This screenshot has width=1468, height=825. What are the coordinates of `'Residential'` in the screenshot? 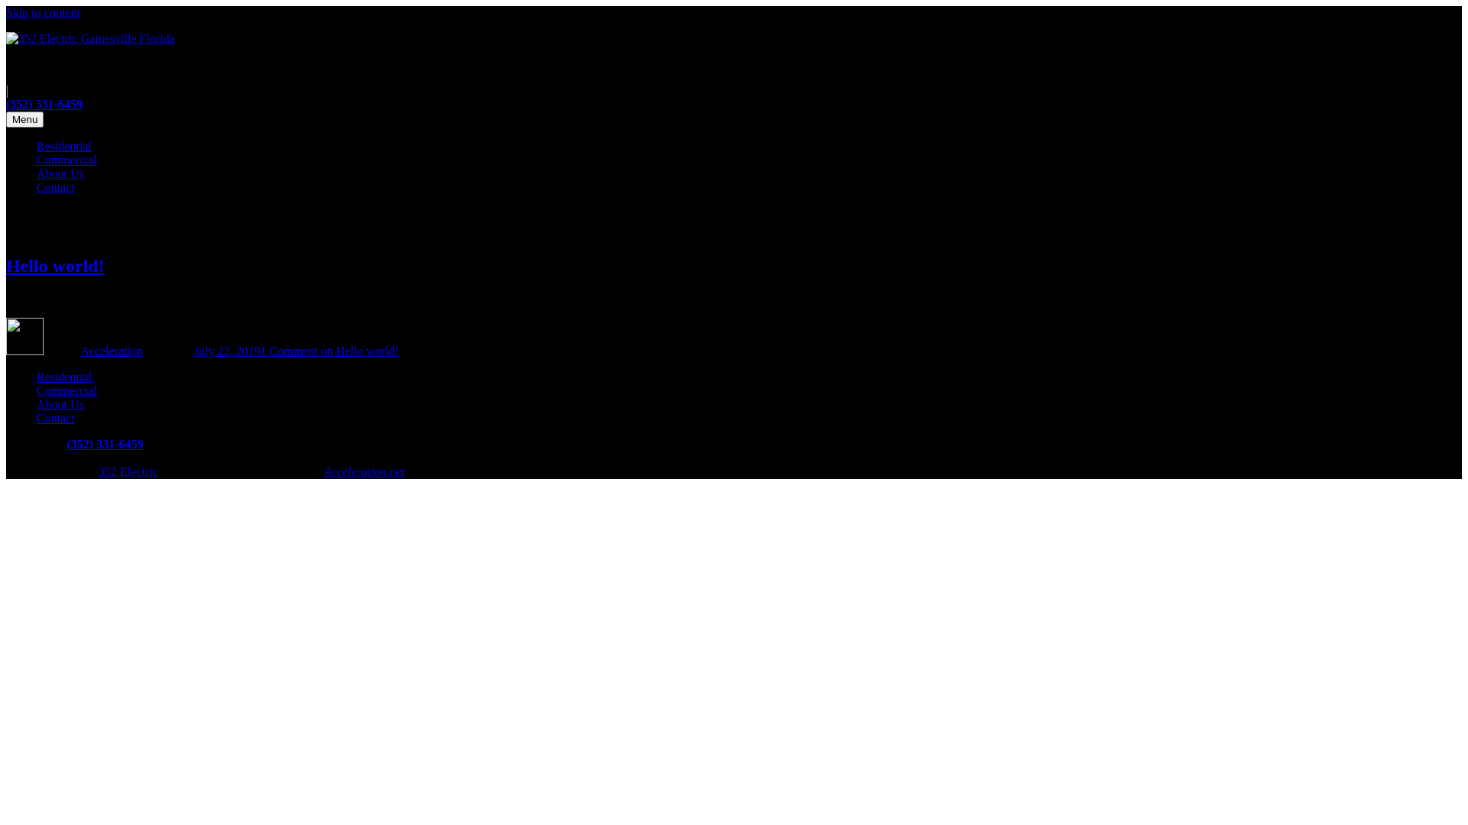 It's located at (63, 146).